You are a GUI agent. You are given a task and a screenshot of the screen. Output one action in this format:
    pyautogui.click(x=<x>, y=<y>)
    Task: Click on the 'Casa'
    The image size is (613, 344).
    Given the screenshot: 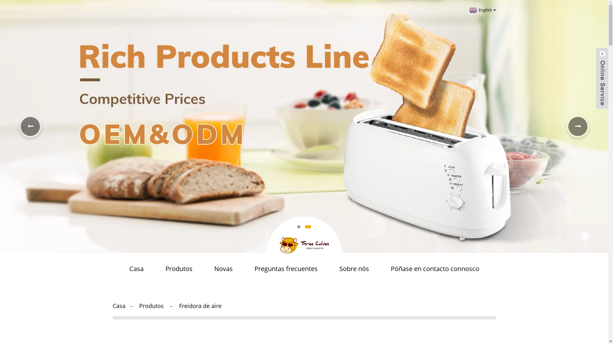 What is the action you would take?
    pyautogui.click(x=118, y=305)
    